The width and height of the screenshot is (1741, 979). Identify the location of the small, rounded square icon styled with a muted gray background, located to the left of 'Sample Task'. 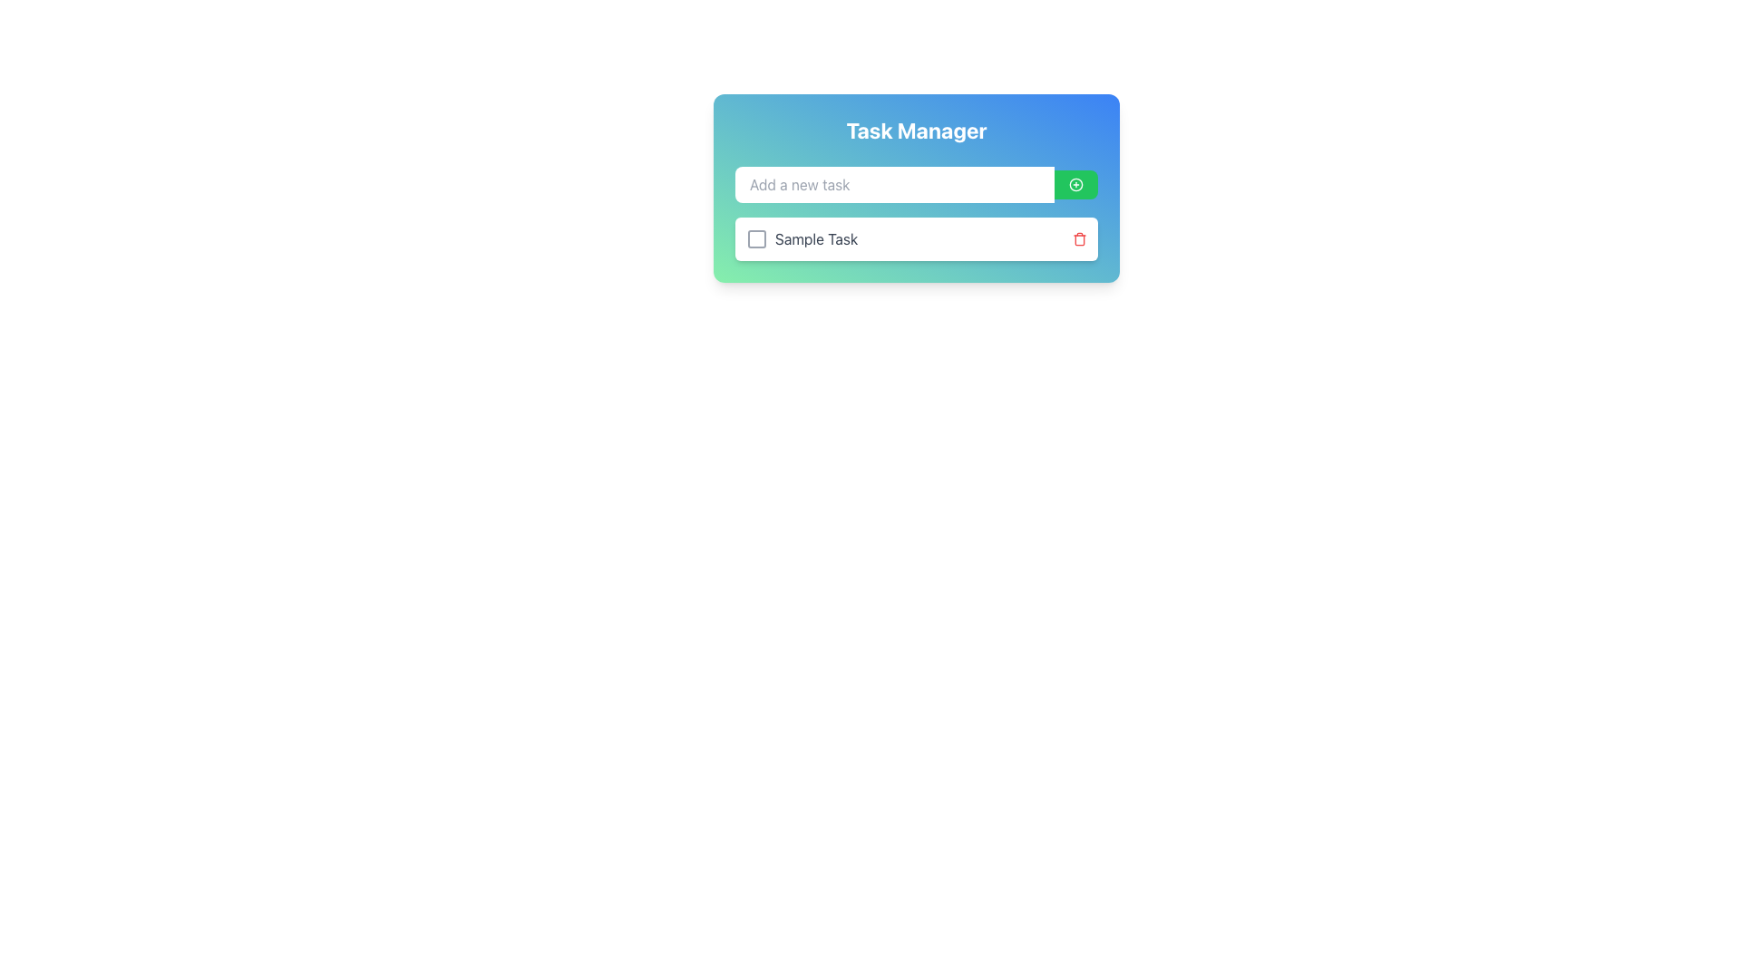
(757, 237).